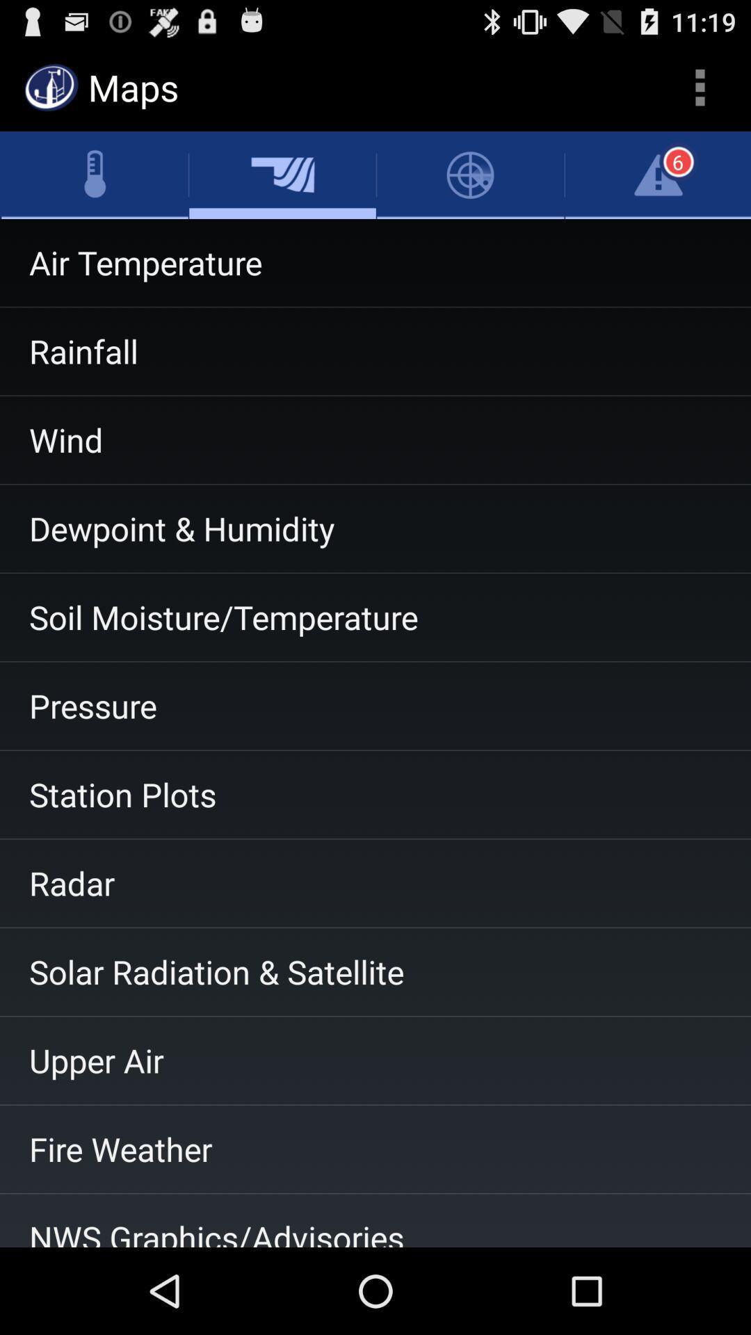 The image size is (751, 1335). I want to click on app above pressure app, so click(375, 617).